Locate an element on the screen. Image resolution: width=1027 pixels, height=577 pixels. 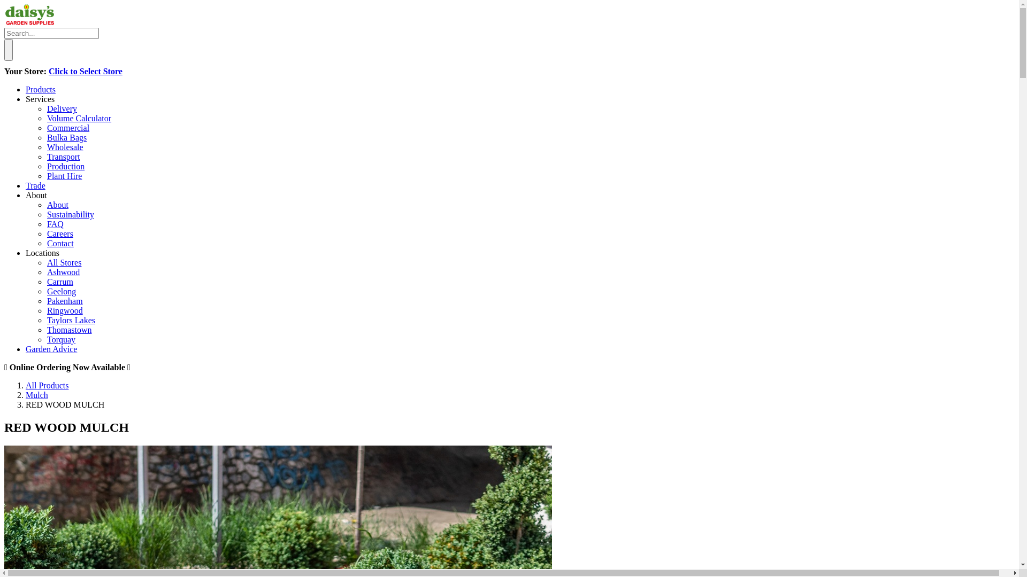
'Click to Select Store' is located at coordinates (48, 71).